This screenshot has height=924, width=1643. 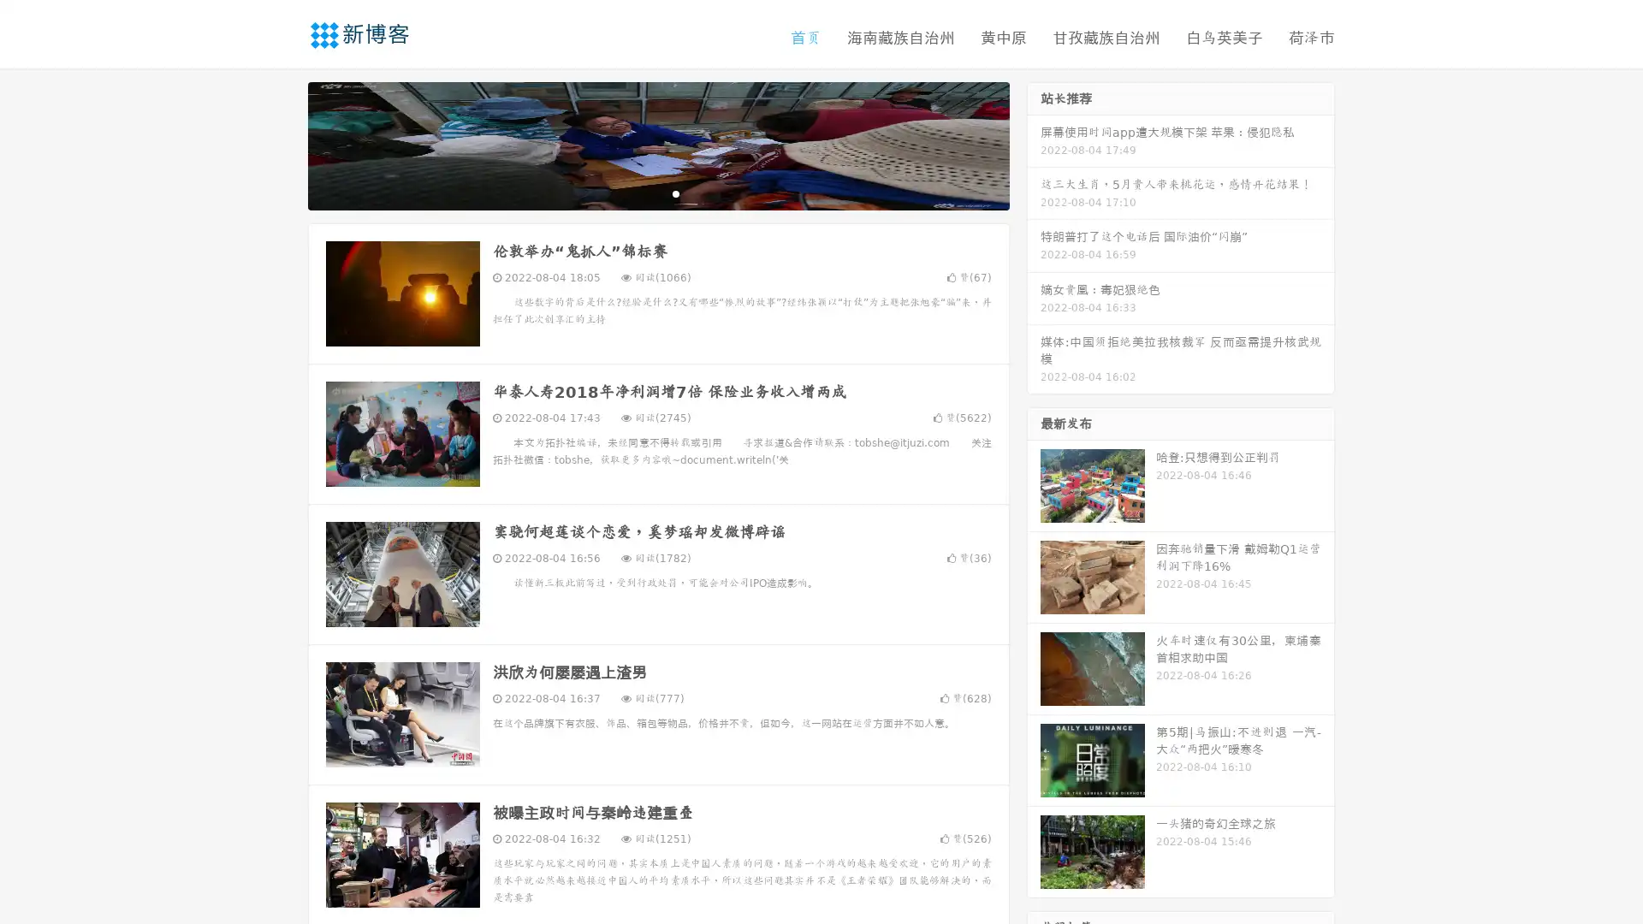 I want to click on Next slide, so click(x=1034, y=144).